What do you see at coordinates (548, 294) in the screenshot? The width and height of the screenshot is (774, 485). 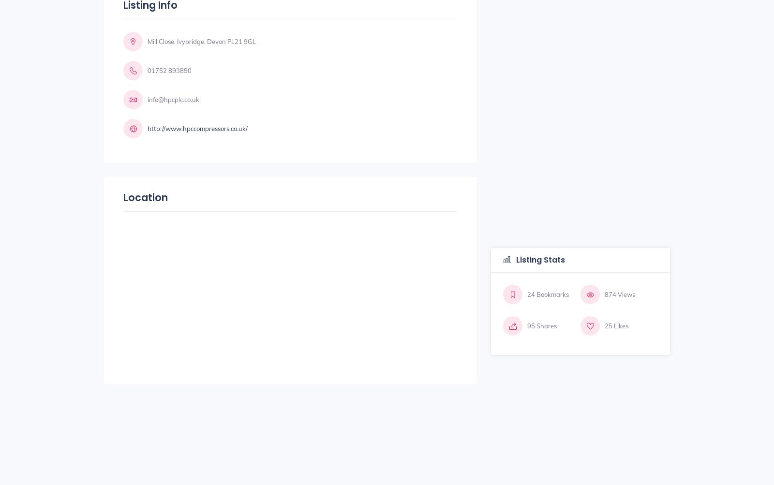 I see `'24 Bookmarks'` at bounding box center [548, 294].